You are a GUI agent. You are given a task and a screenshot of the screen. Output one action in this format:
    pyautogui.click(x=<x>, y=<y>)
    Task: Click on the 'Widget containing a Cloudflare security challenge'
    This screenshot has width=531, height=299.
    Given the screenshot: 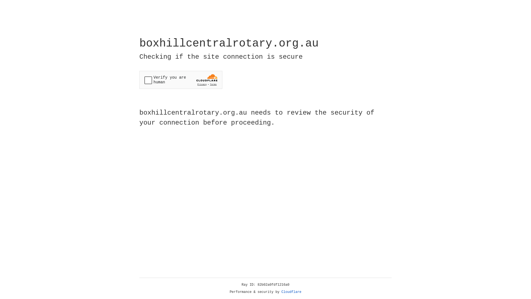 What is the action you would take?
    pyautogui.click(x=181, y=80)
    